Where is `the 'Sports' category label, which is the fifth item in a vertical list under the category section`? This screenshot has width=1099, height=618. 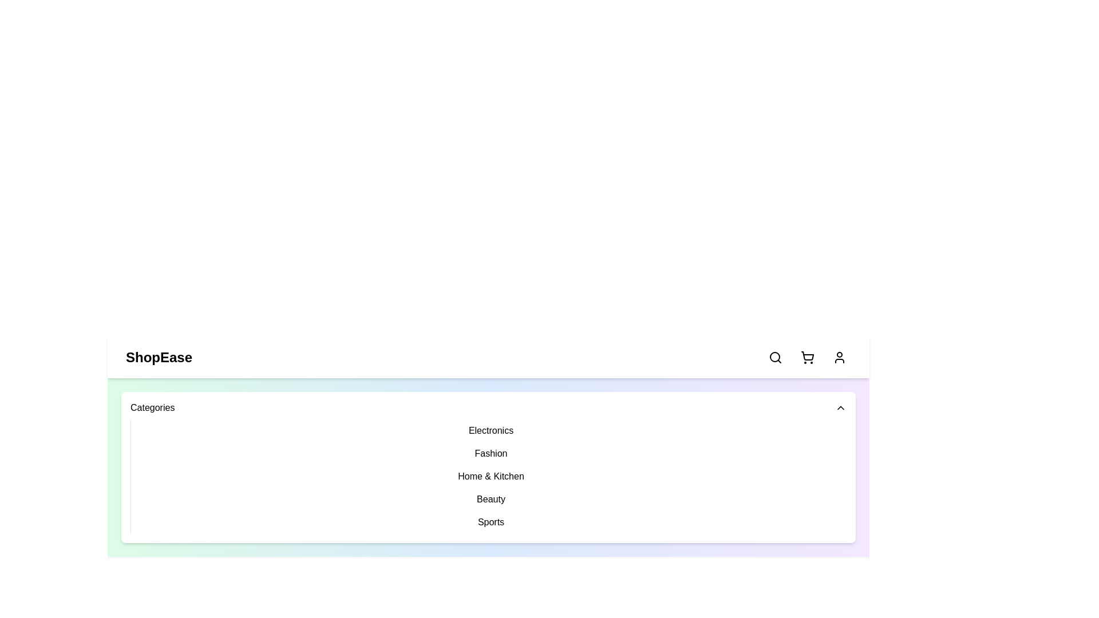 the 'Sports' category label, which is the fifth item in a vertical list under the category section is located at coordinates (491, 522).